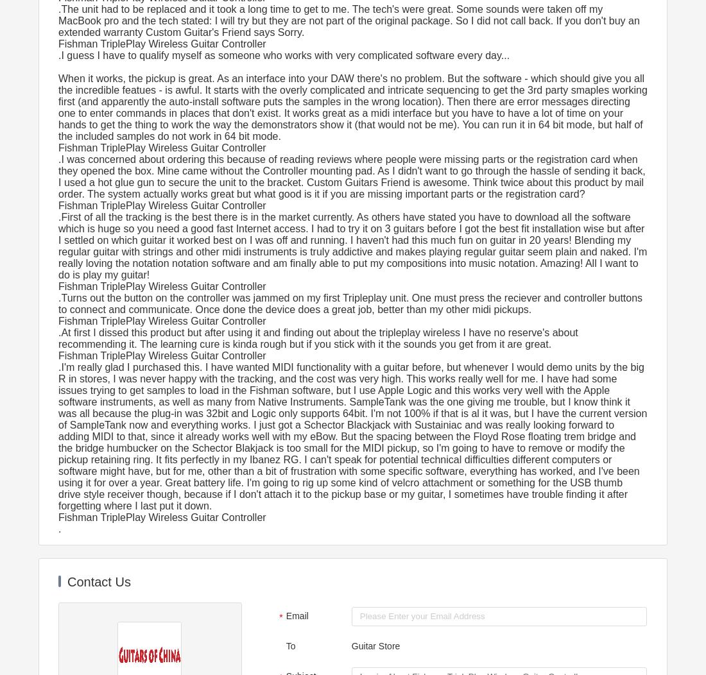  I want to click on 'Email', so click(296, 615).